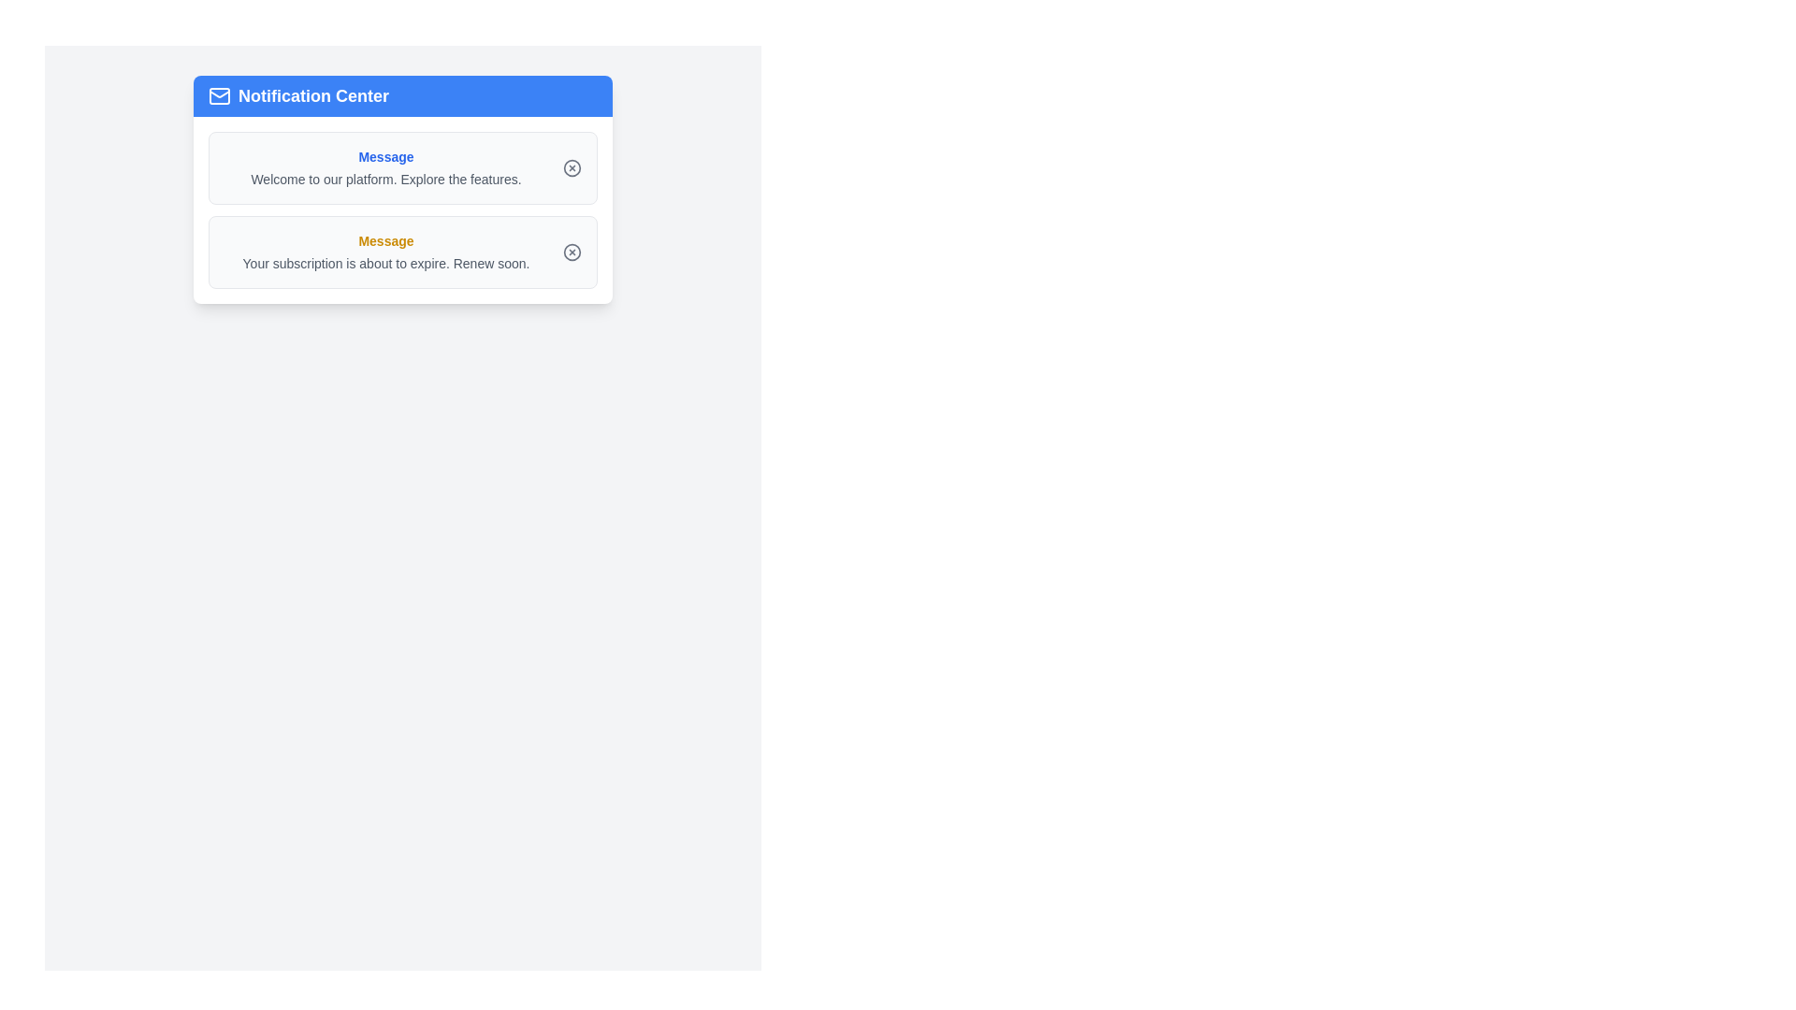 The height and width of the screenshot is (1010, 1796). I want to click on the 'Message' text label at the top of the notification message box to interact with it, so click(384, 156).